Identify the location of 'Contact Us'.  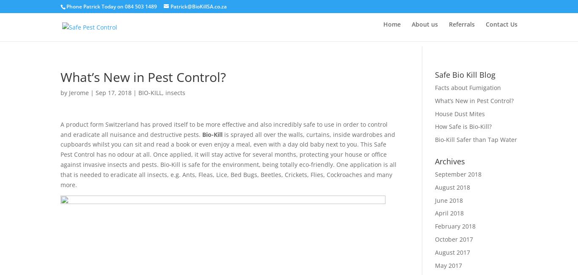
(485, 27).